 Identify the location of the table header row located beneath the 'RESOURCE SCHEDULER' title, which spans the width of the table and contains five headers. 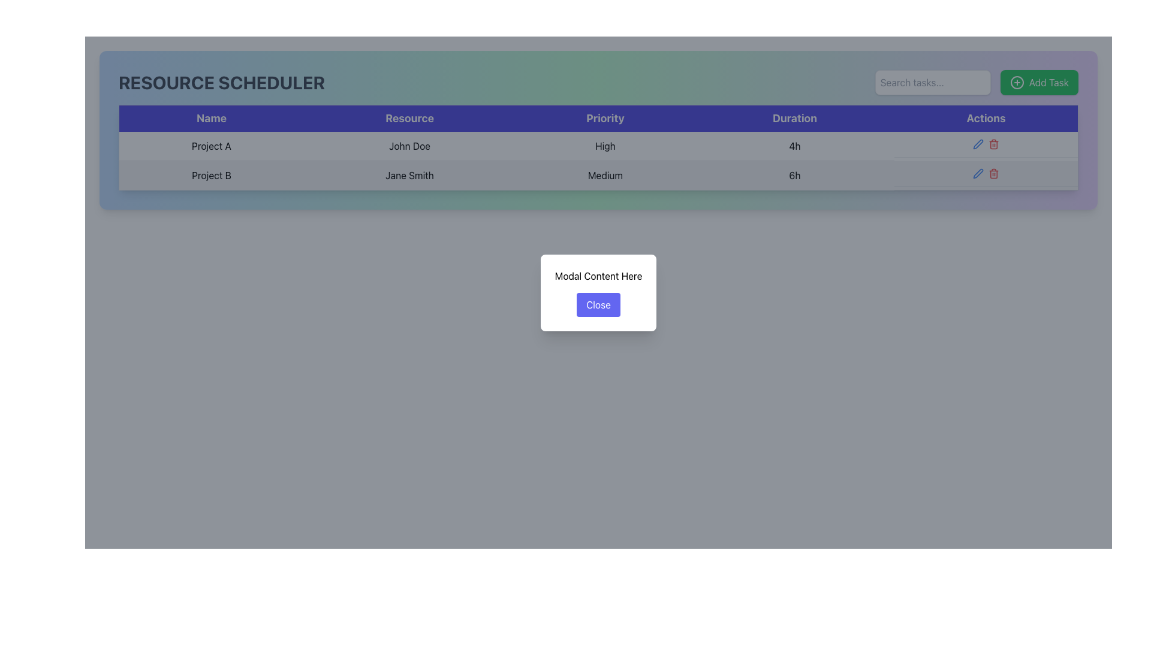
(598, 118).